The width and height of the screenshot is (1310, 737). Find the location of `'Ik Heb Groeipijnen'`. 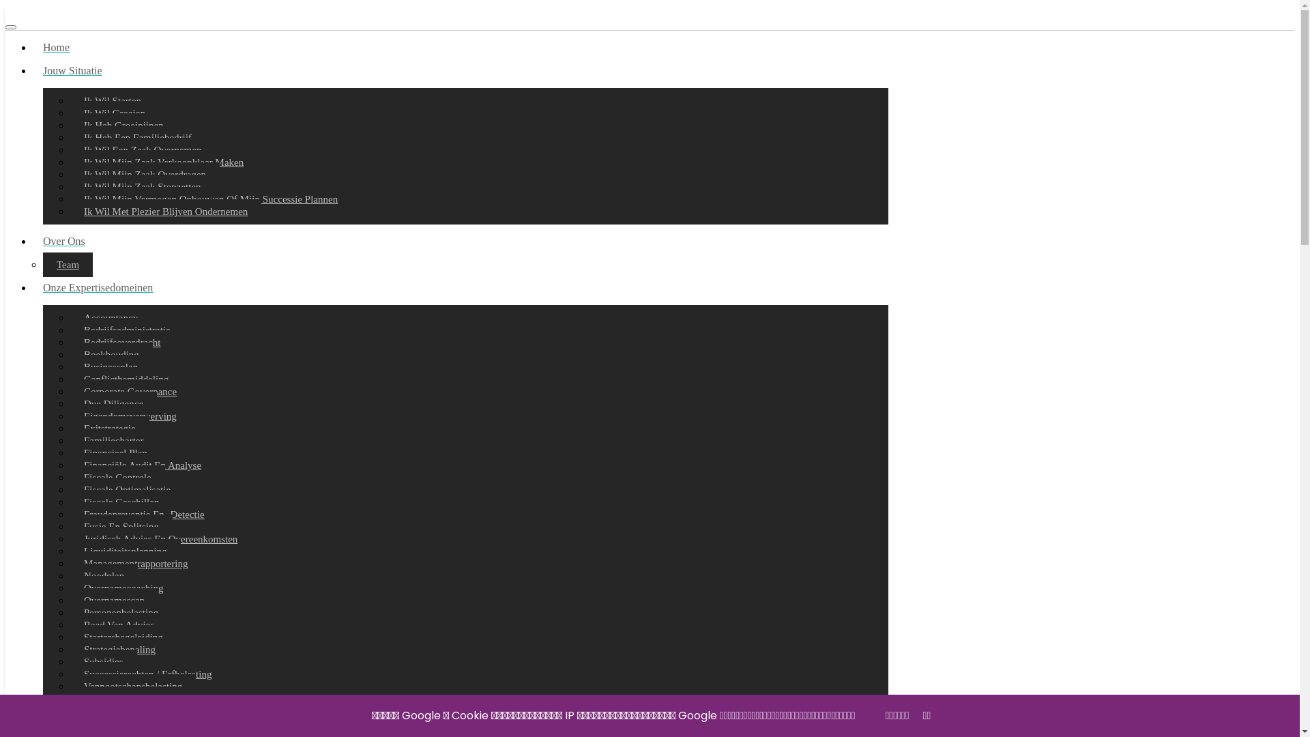

'Ik Heb Groeipijnen' is located at coordinates (69, 126).